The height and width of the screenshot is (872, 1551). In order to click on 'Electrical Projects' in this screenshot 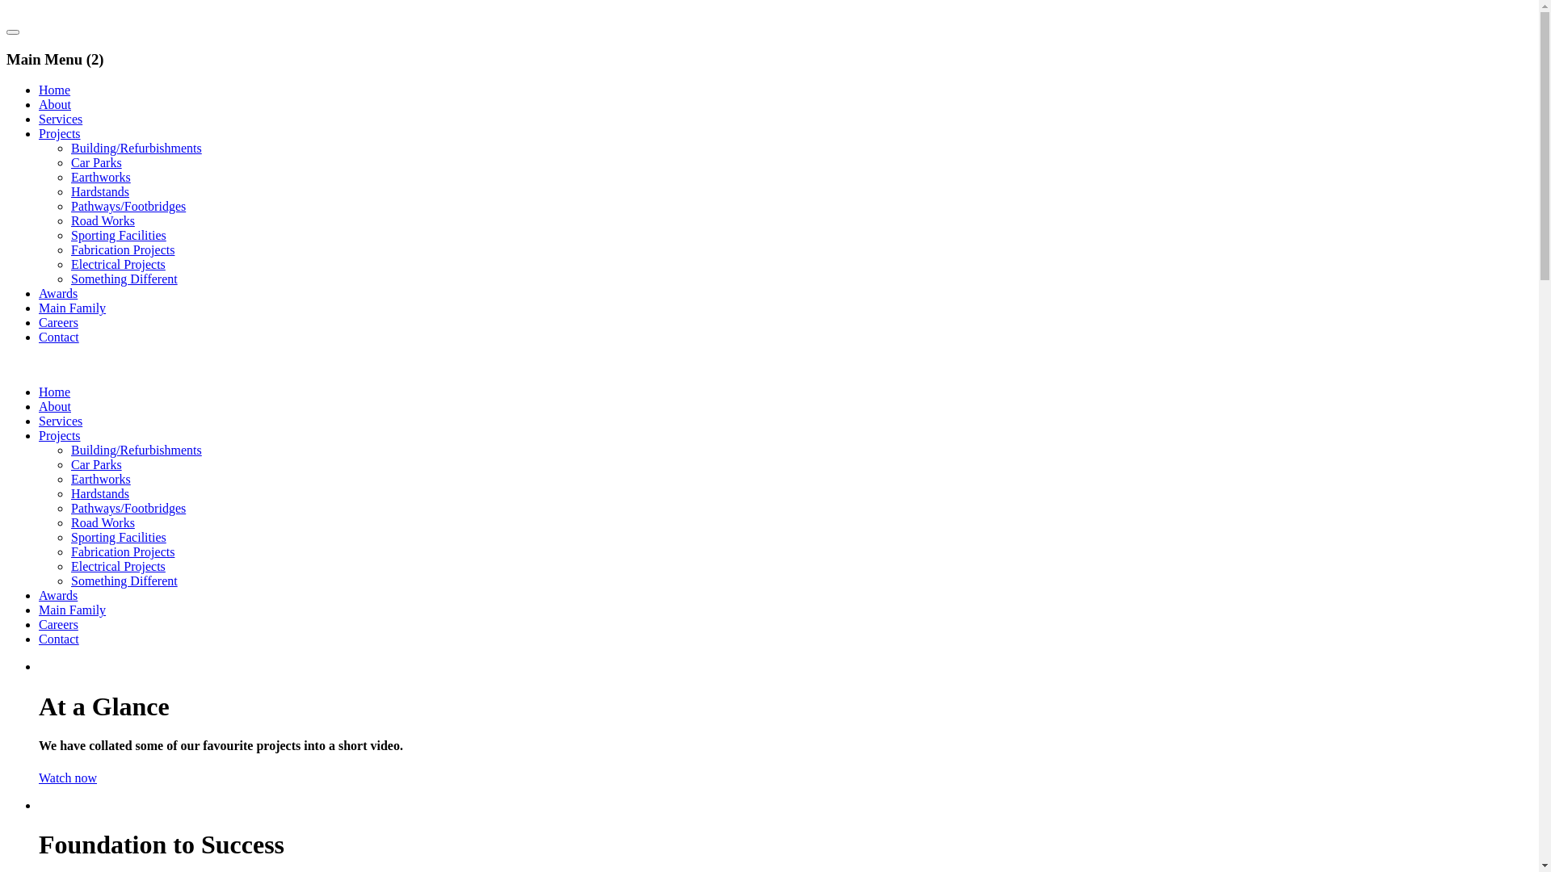, I will do `click(117, 263)`.